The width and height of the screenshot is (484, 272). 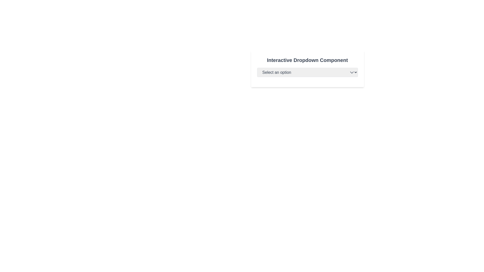 I want to click on the downward-facing chevron icon, so click(x=351, y=72).